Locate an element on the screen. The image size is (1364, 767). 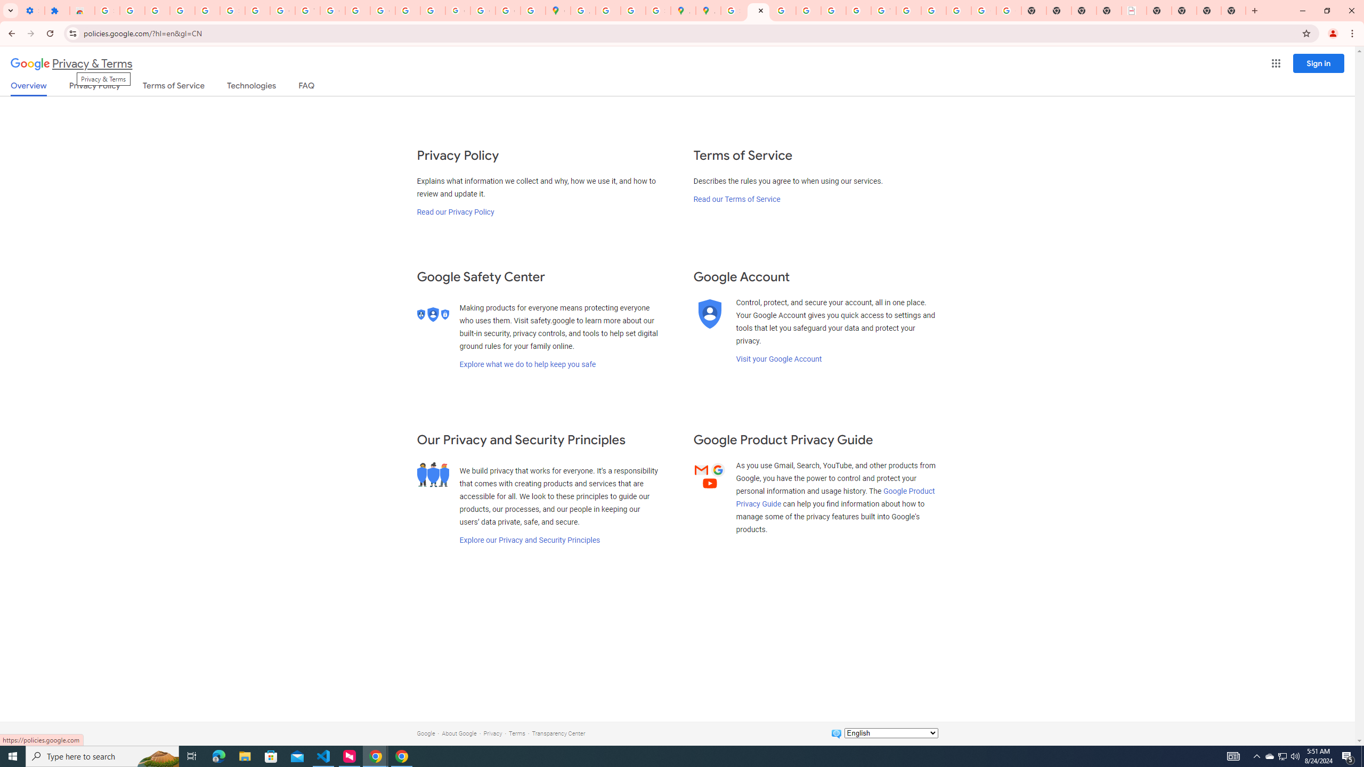
'Privacy & Terms' is located at coordinates (71, 63).